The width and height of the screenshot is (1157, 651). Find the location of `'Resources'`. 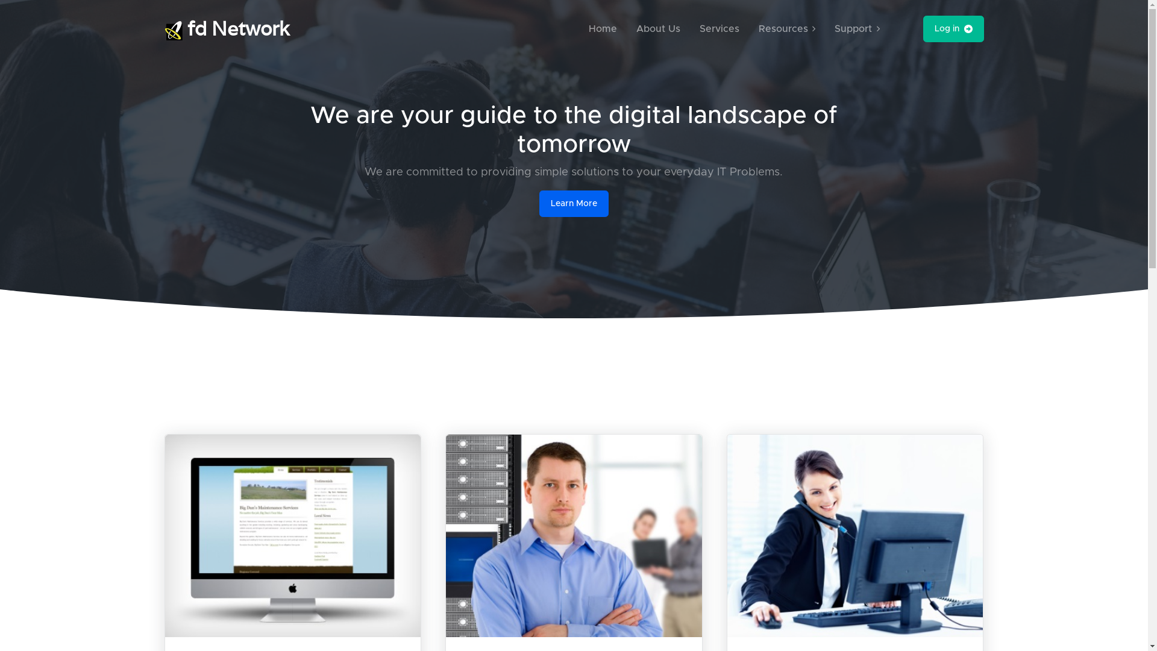

'Resources' is located at coordinates (753, 28).